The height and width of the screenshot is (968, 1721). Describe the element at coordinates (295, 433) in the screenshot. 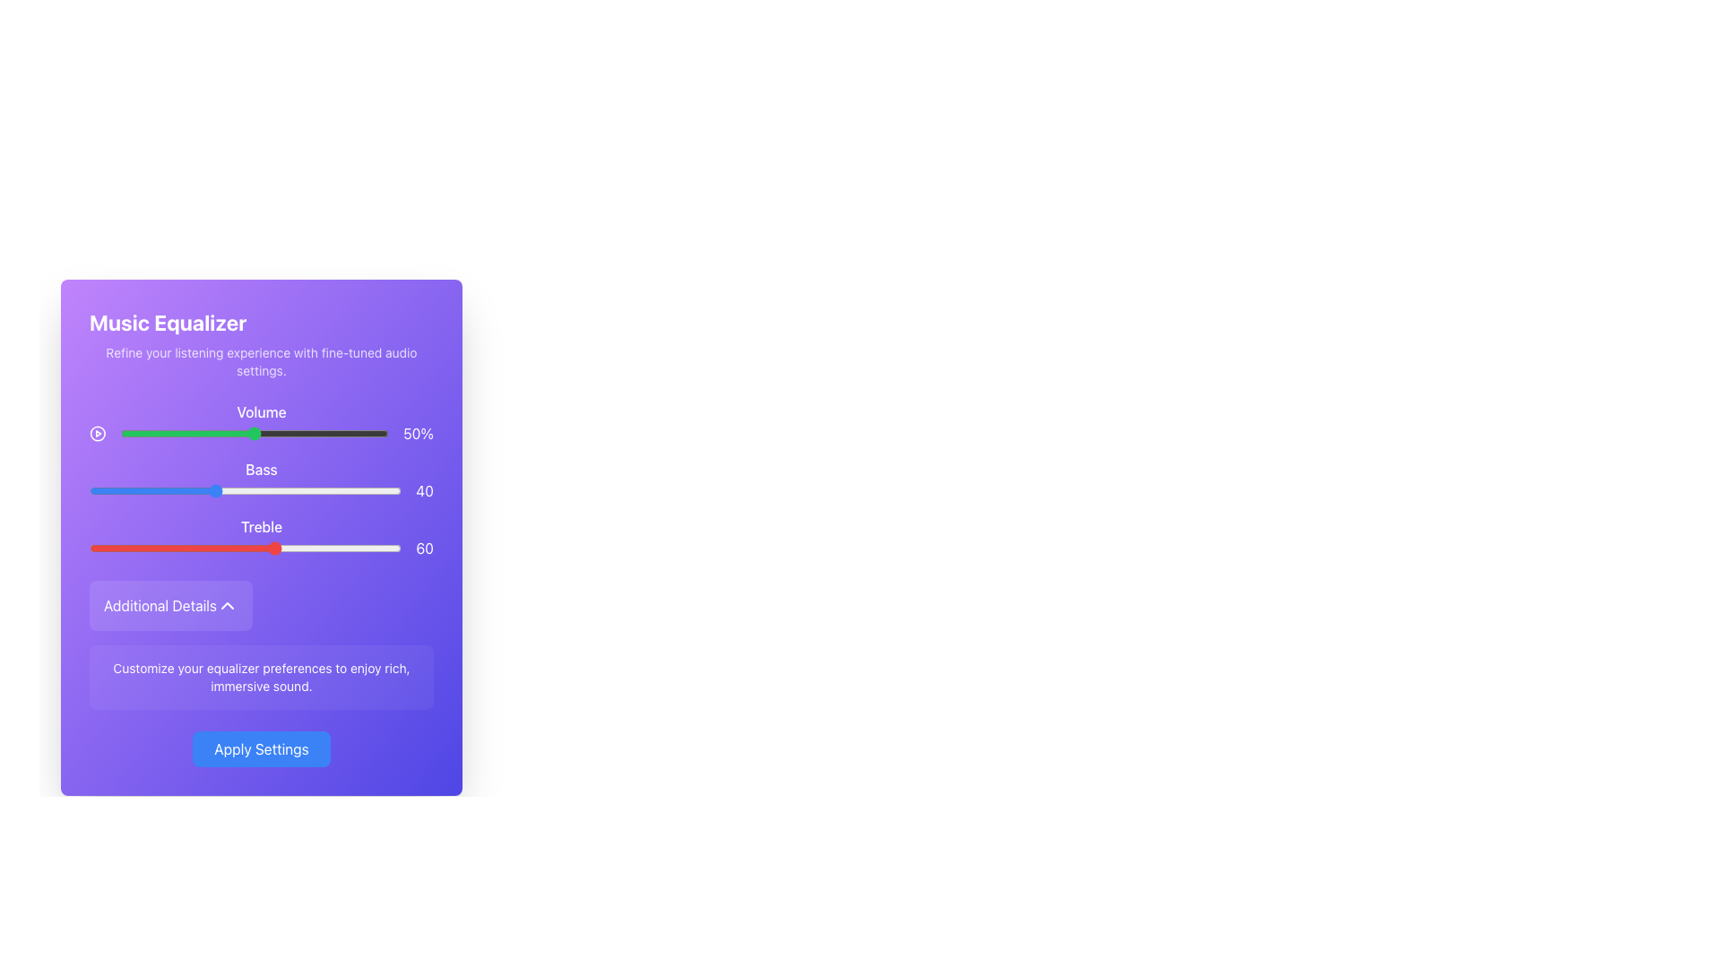

I see `the volume` at that location.